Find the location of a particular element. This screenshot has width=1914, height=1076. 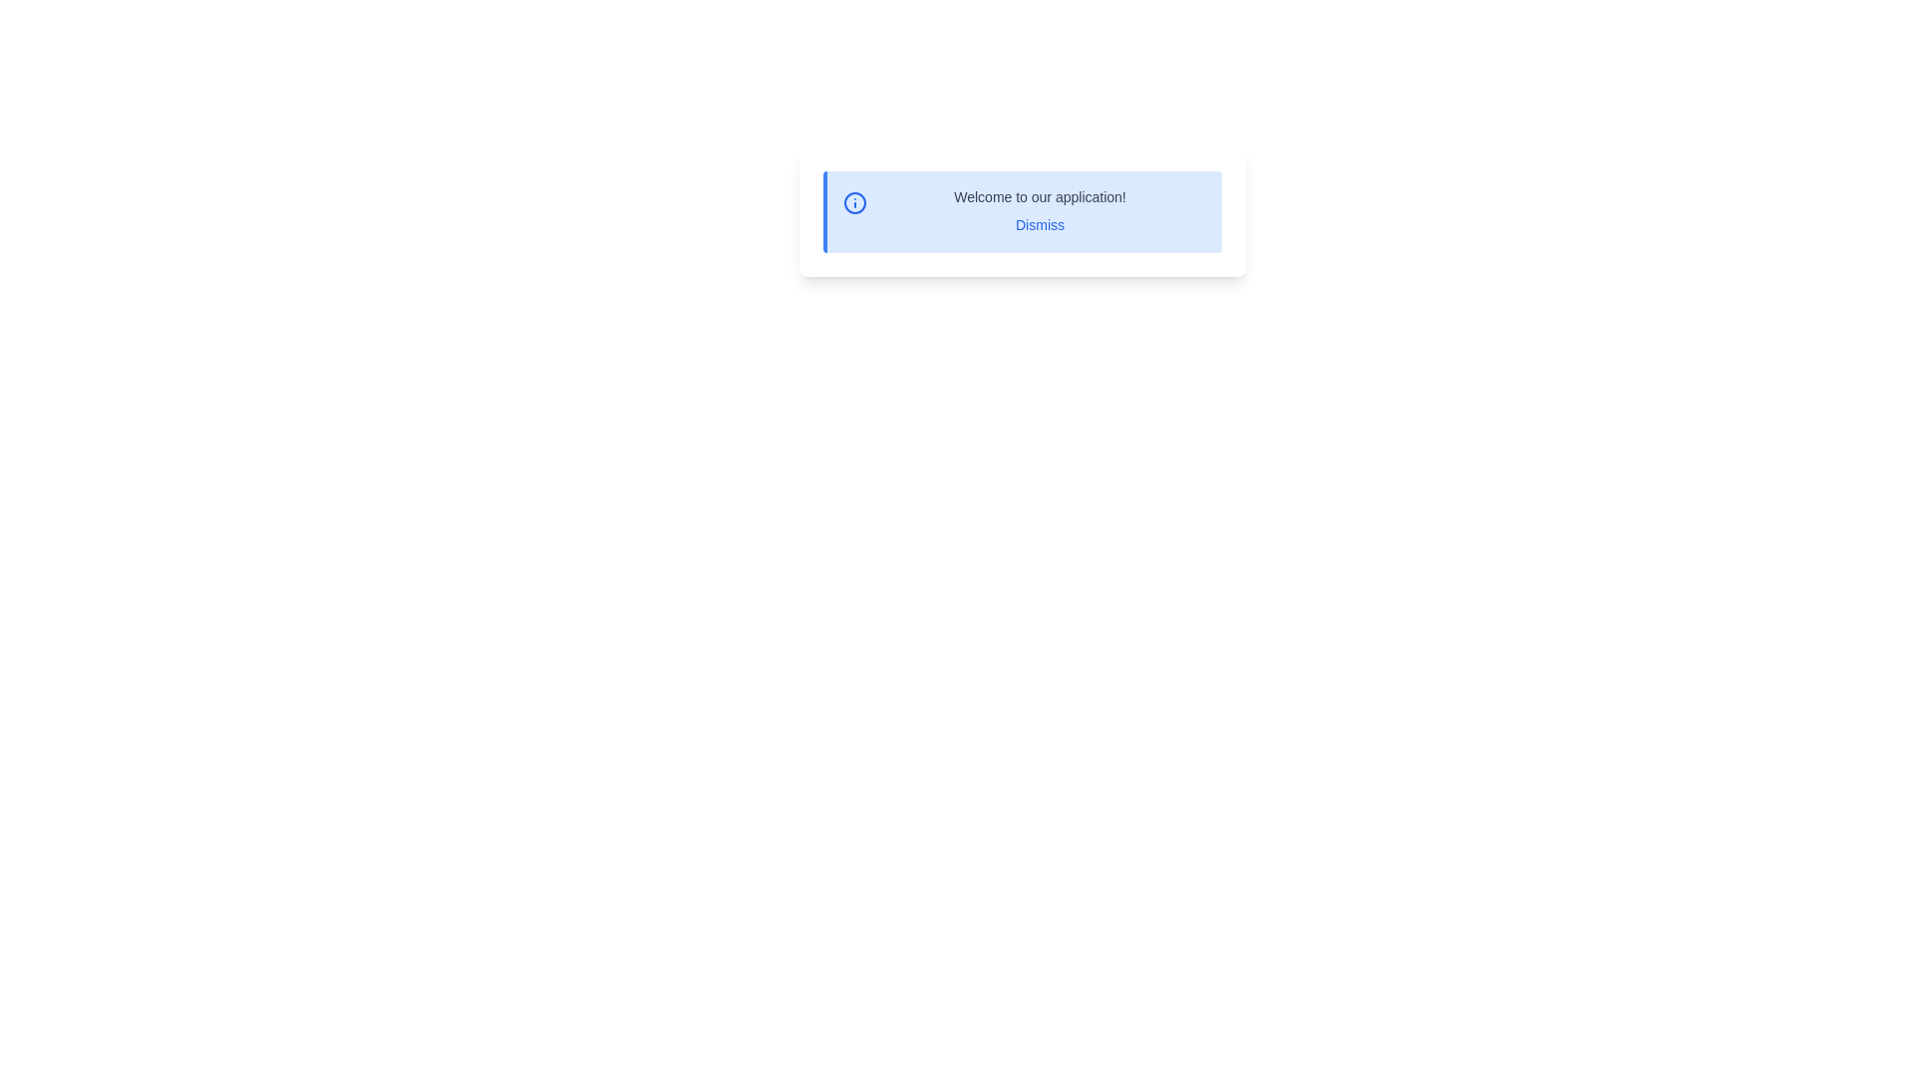

the circular information icon with a blue outline that is positioned to the left of the text 'Welcome to our application!' is located at coordinates (854, 203).